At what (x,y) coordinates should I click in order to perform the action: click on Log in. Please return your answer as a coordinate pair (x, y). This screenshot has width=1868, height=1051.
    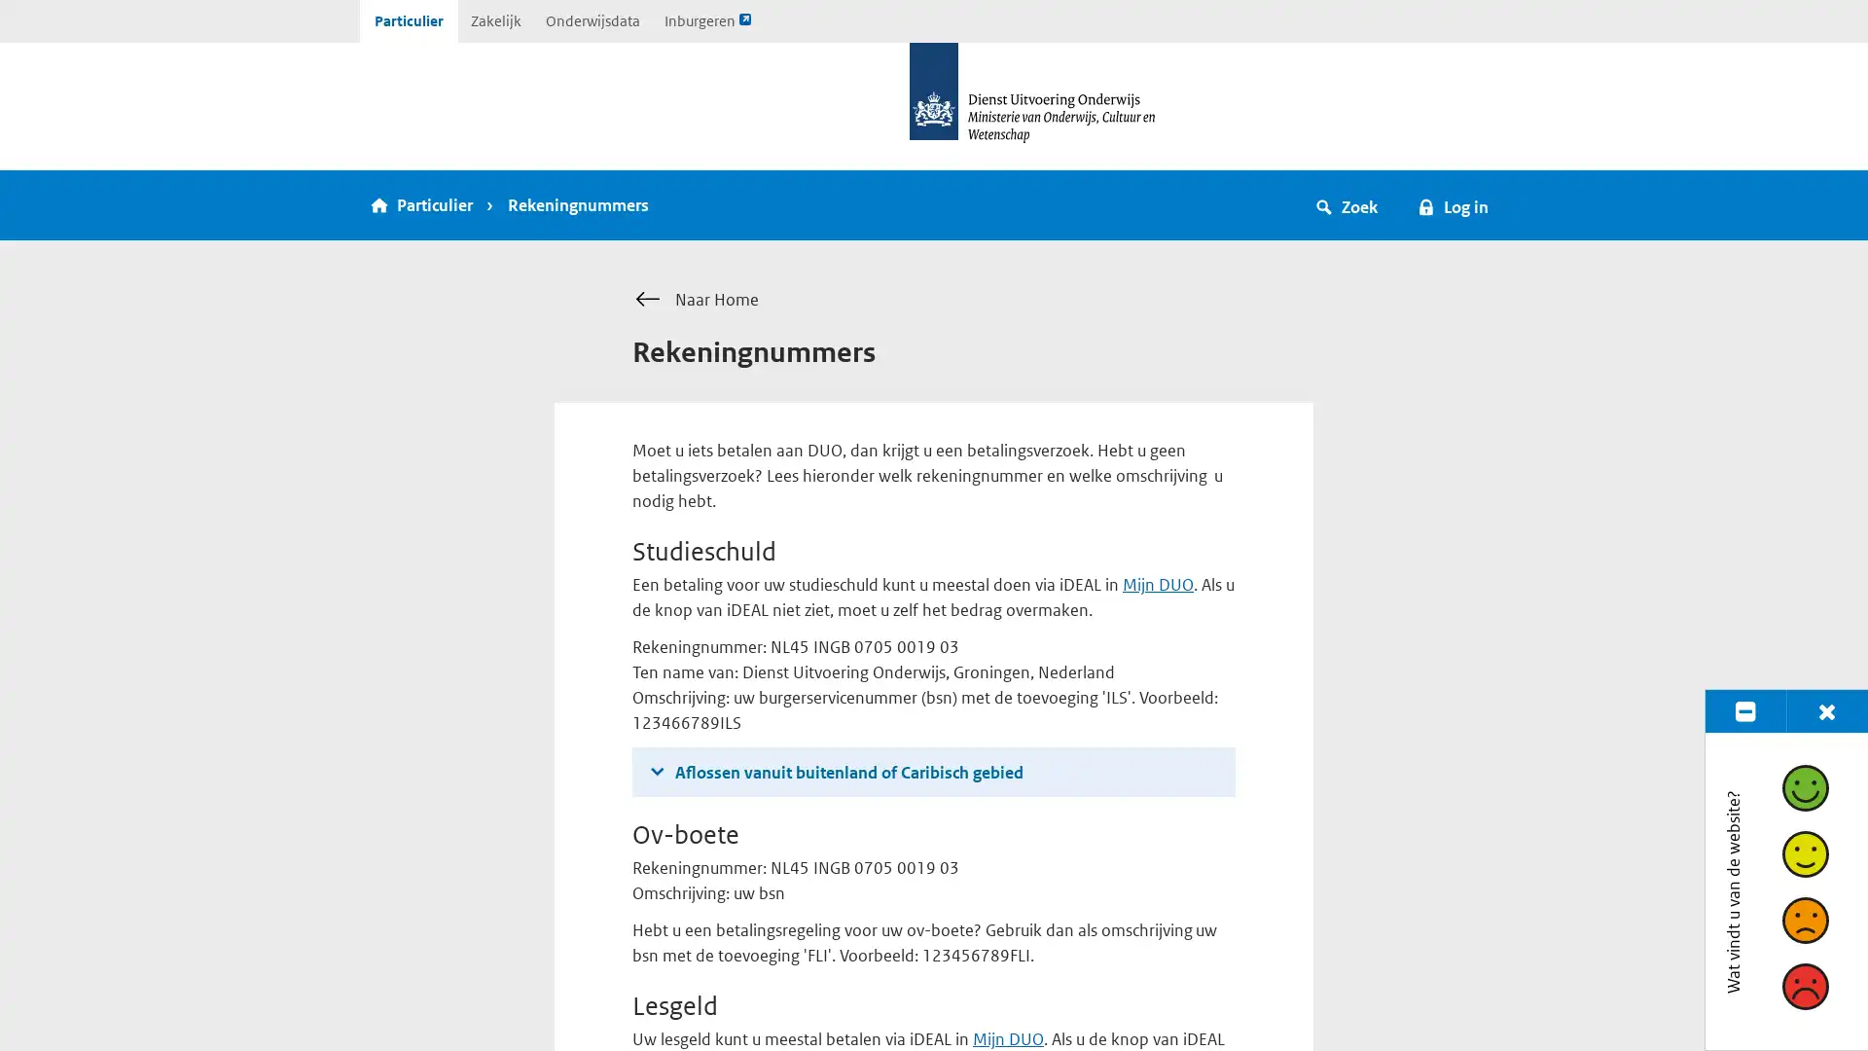
    Looking at the image, I should click on (1452, 205).